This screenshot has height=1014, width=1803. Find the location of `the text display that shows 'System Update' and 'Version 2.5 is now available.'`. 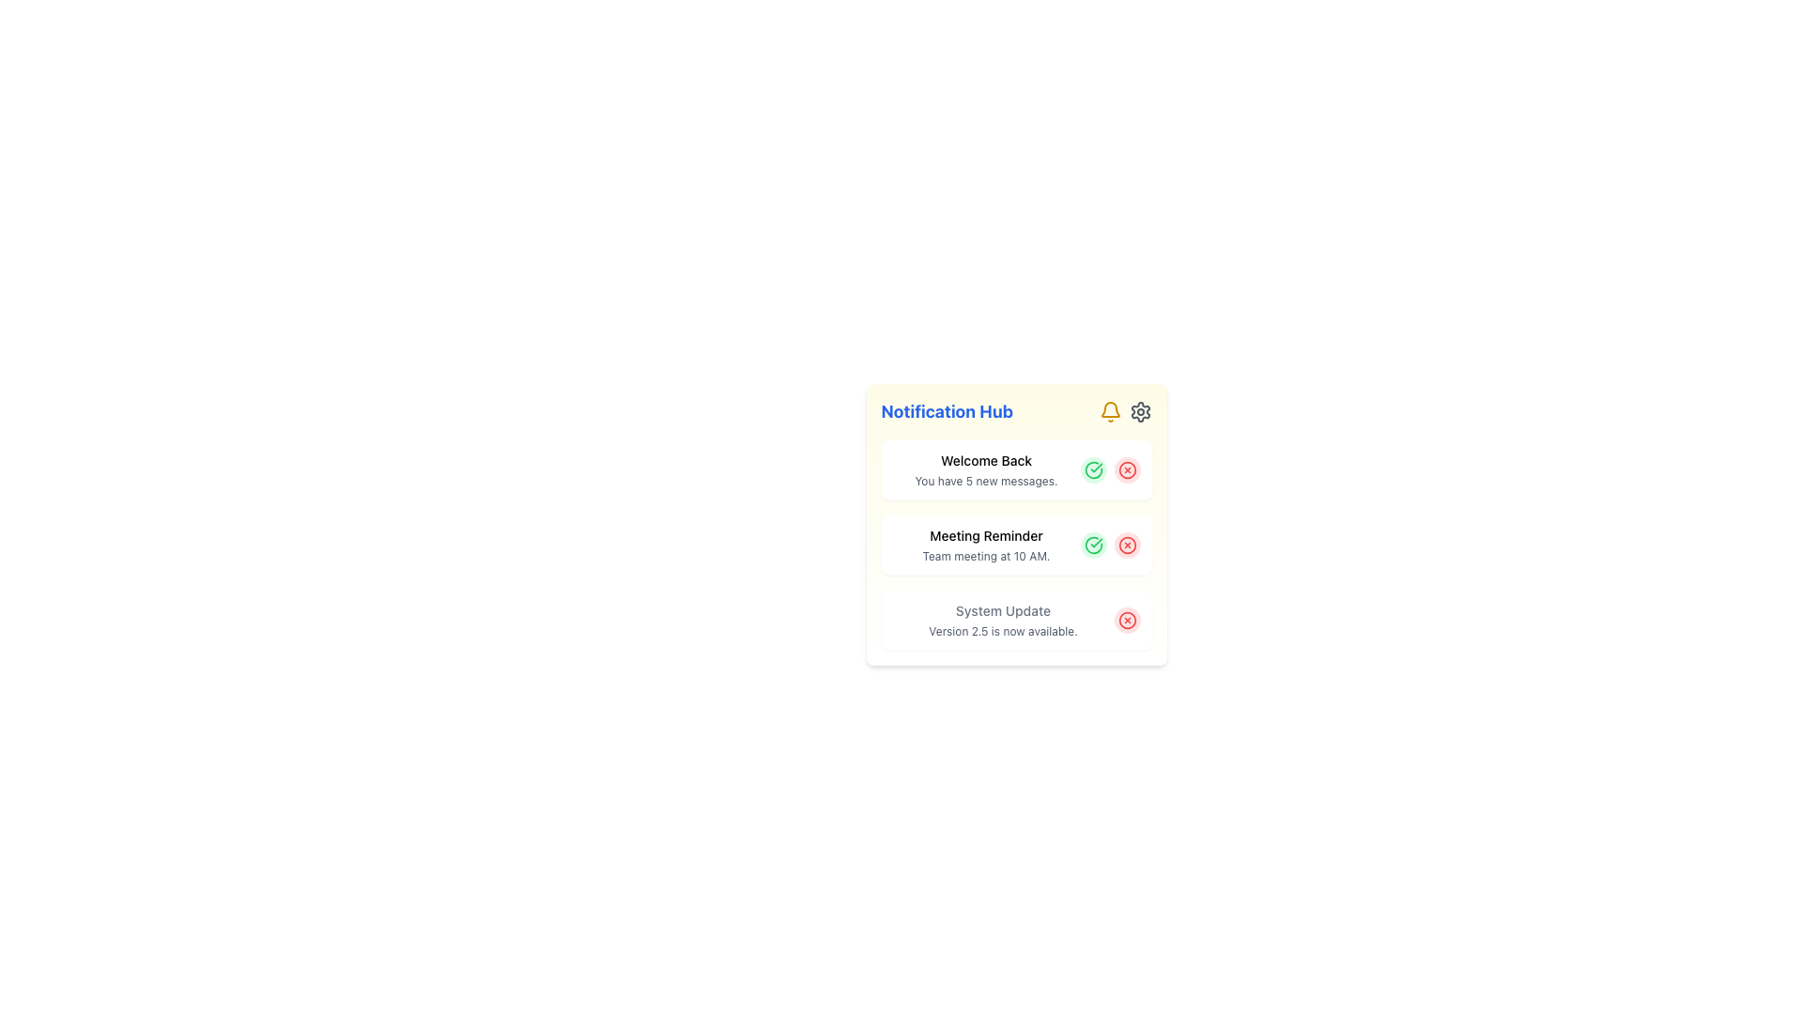

the text display that shows 'System Update' and 'Version 2.5 is now available.' is located at coordinates (1002, 620).